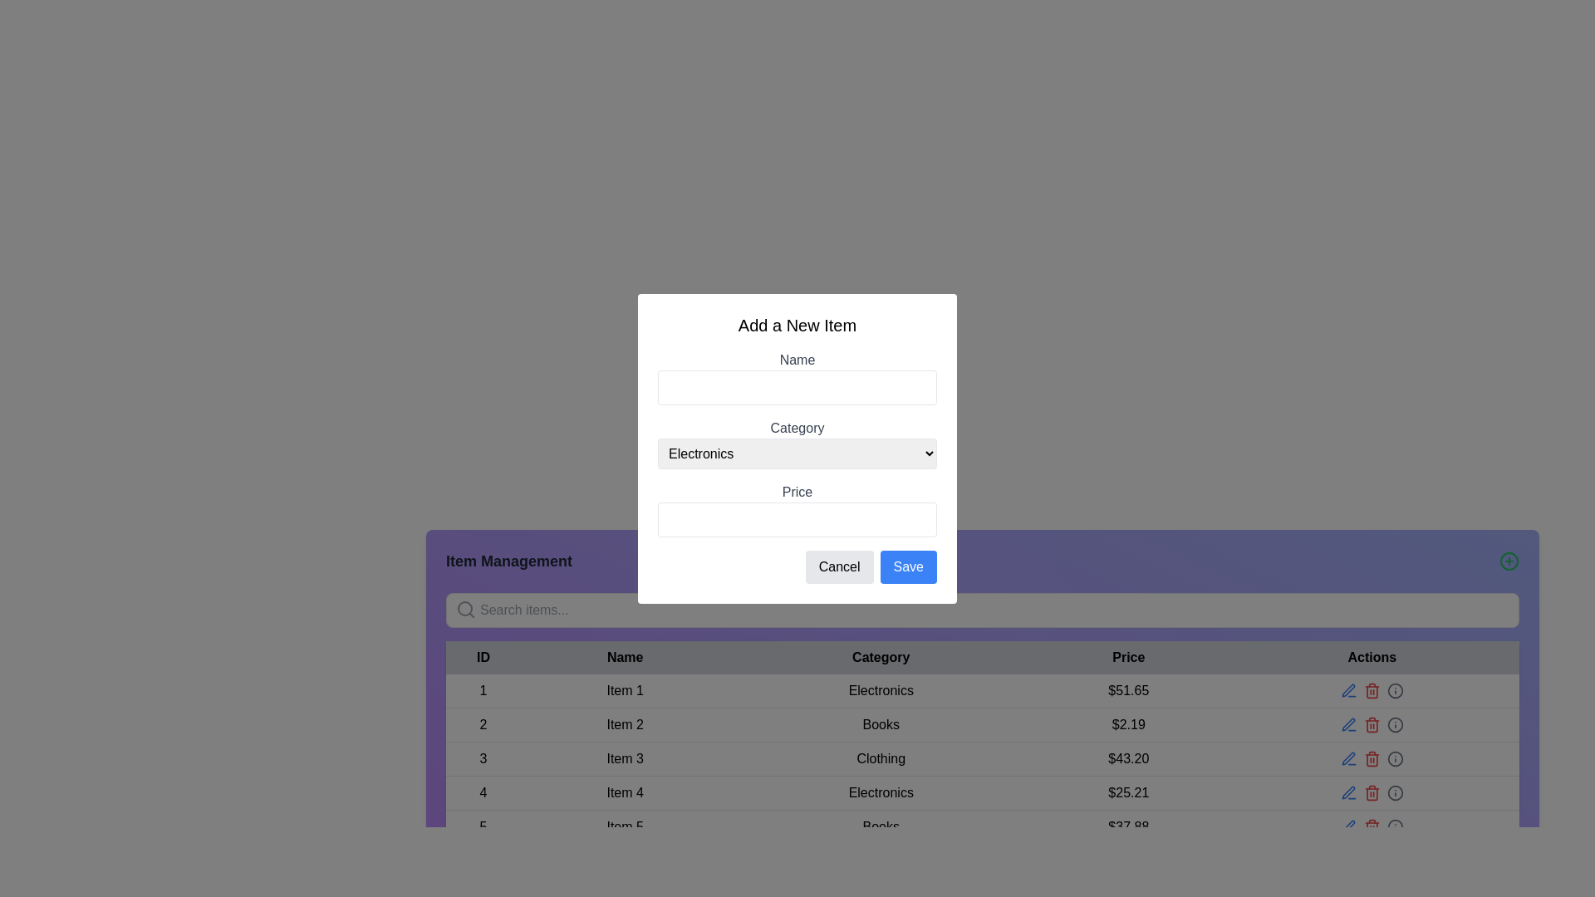 Image resolution: width=1595 pixels, height=897 pixels. Describe the element at coordinates (797, 442) in the screenshot. I see `the dropdown menu located below the 'Name' input field and above the 'Price' input field` at that location.